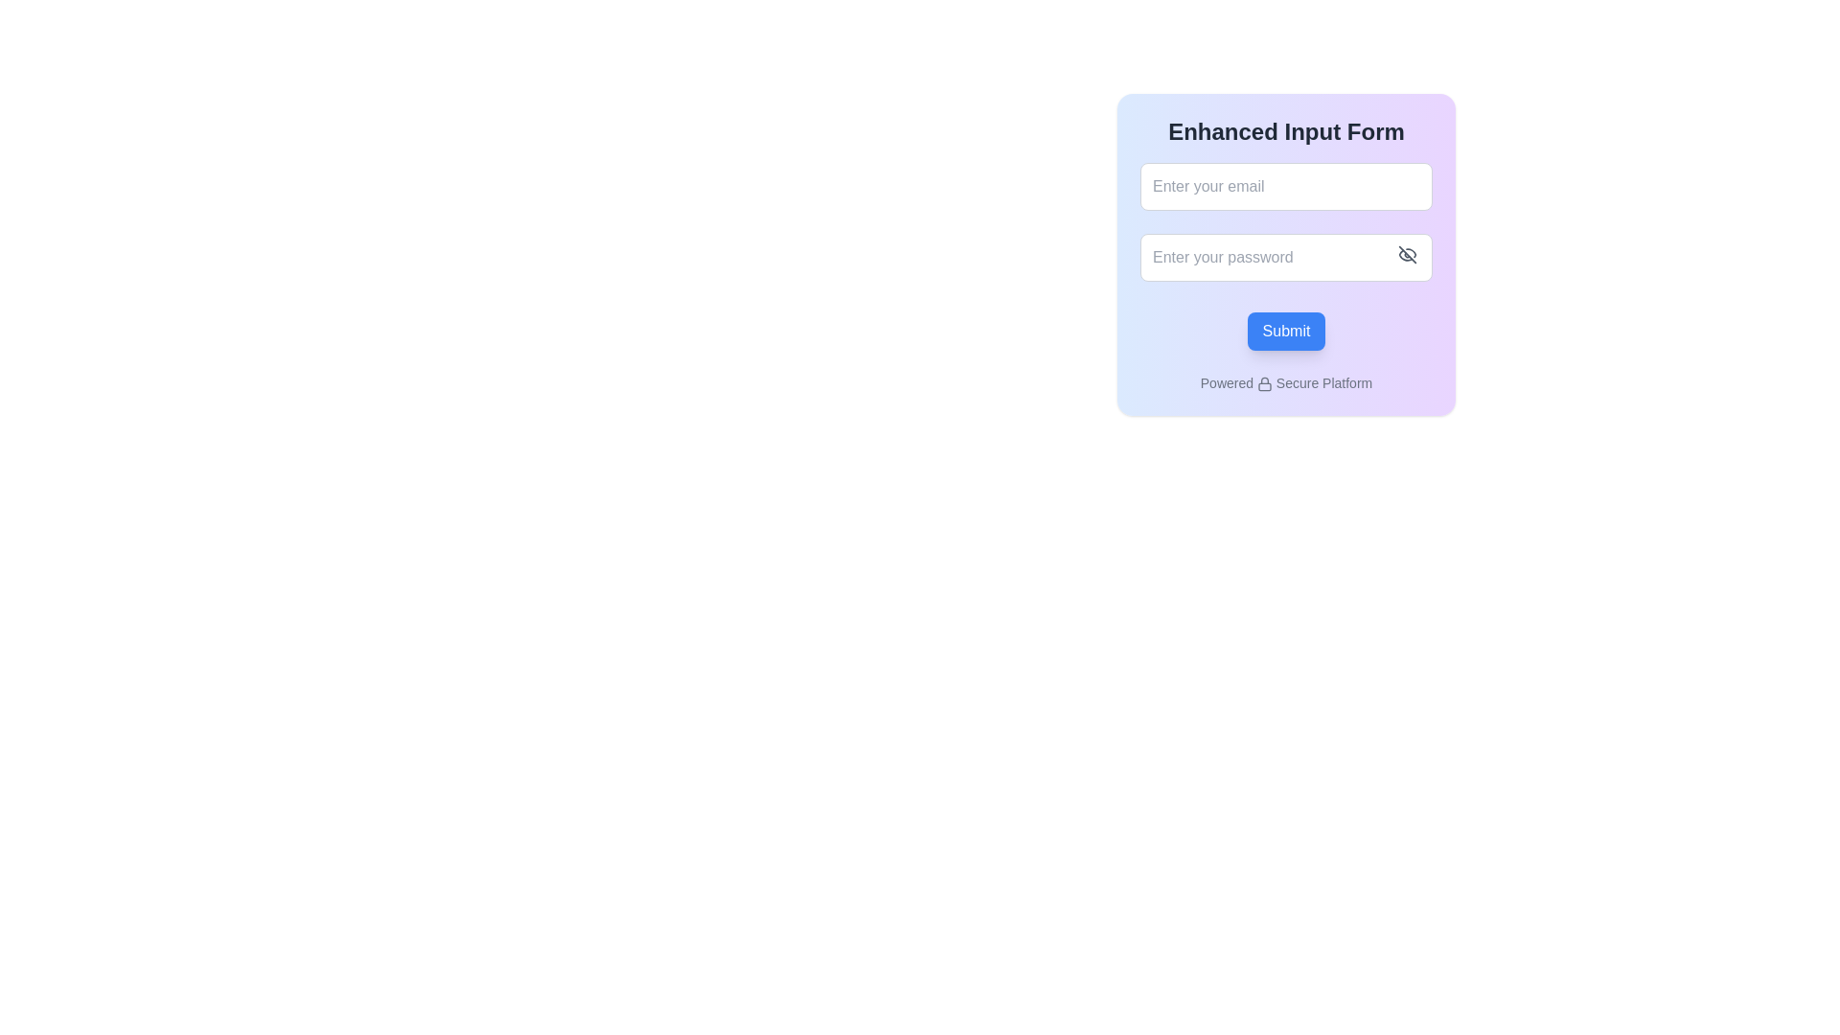 This screenshot has width=1840, height=1035. I want to click on the toggle visibility button for the password input field, which is located at the top right corner of the 'Enter your password' text field, so click(1407, 254).